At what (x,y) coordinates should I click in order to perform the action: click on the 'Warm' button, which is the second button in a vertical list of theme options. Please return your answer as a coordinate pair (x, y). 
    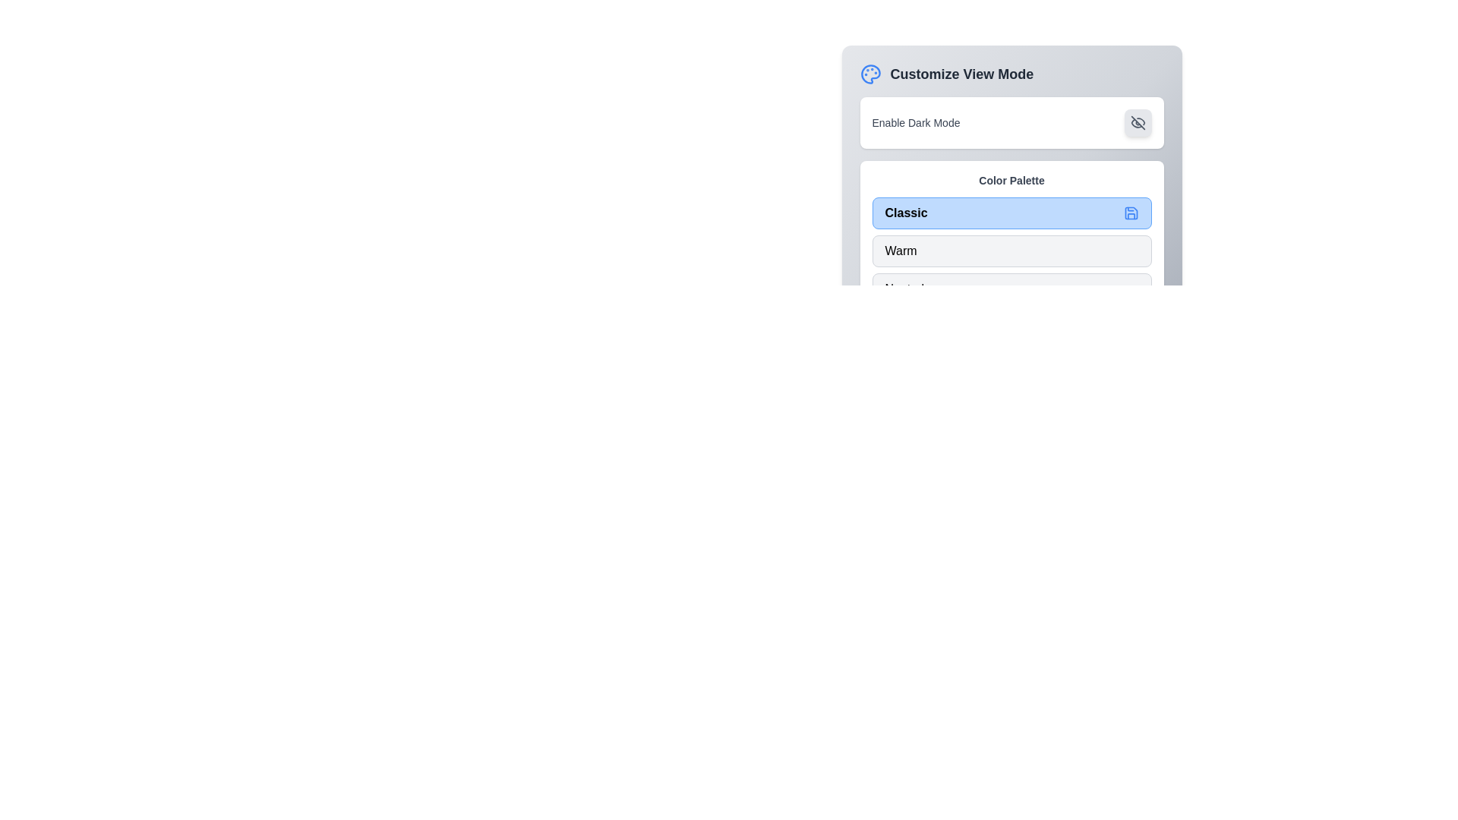
    Looking at the image, I should click on (1011, 251).